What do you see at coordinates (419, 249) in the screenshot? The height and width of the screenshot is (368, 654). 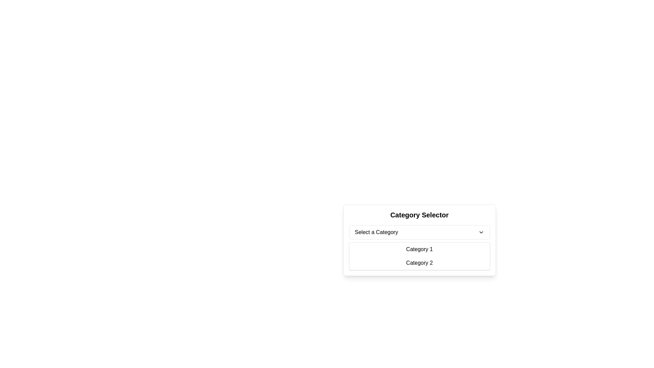 I see `the 'Category 1' list item in the dropdown menu` at bounding box center [419, 249].